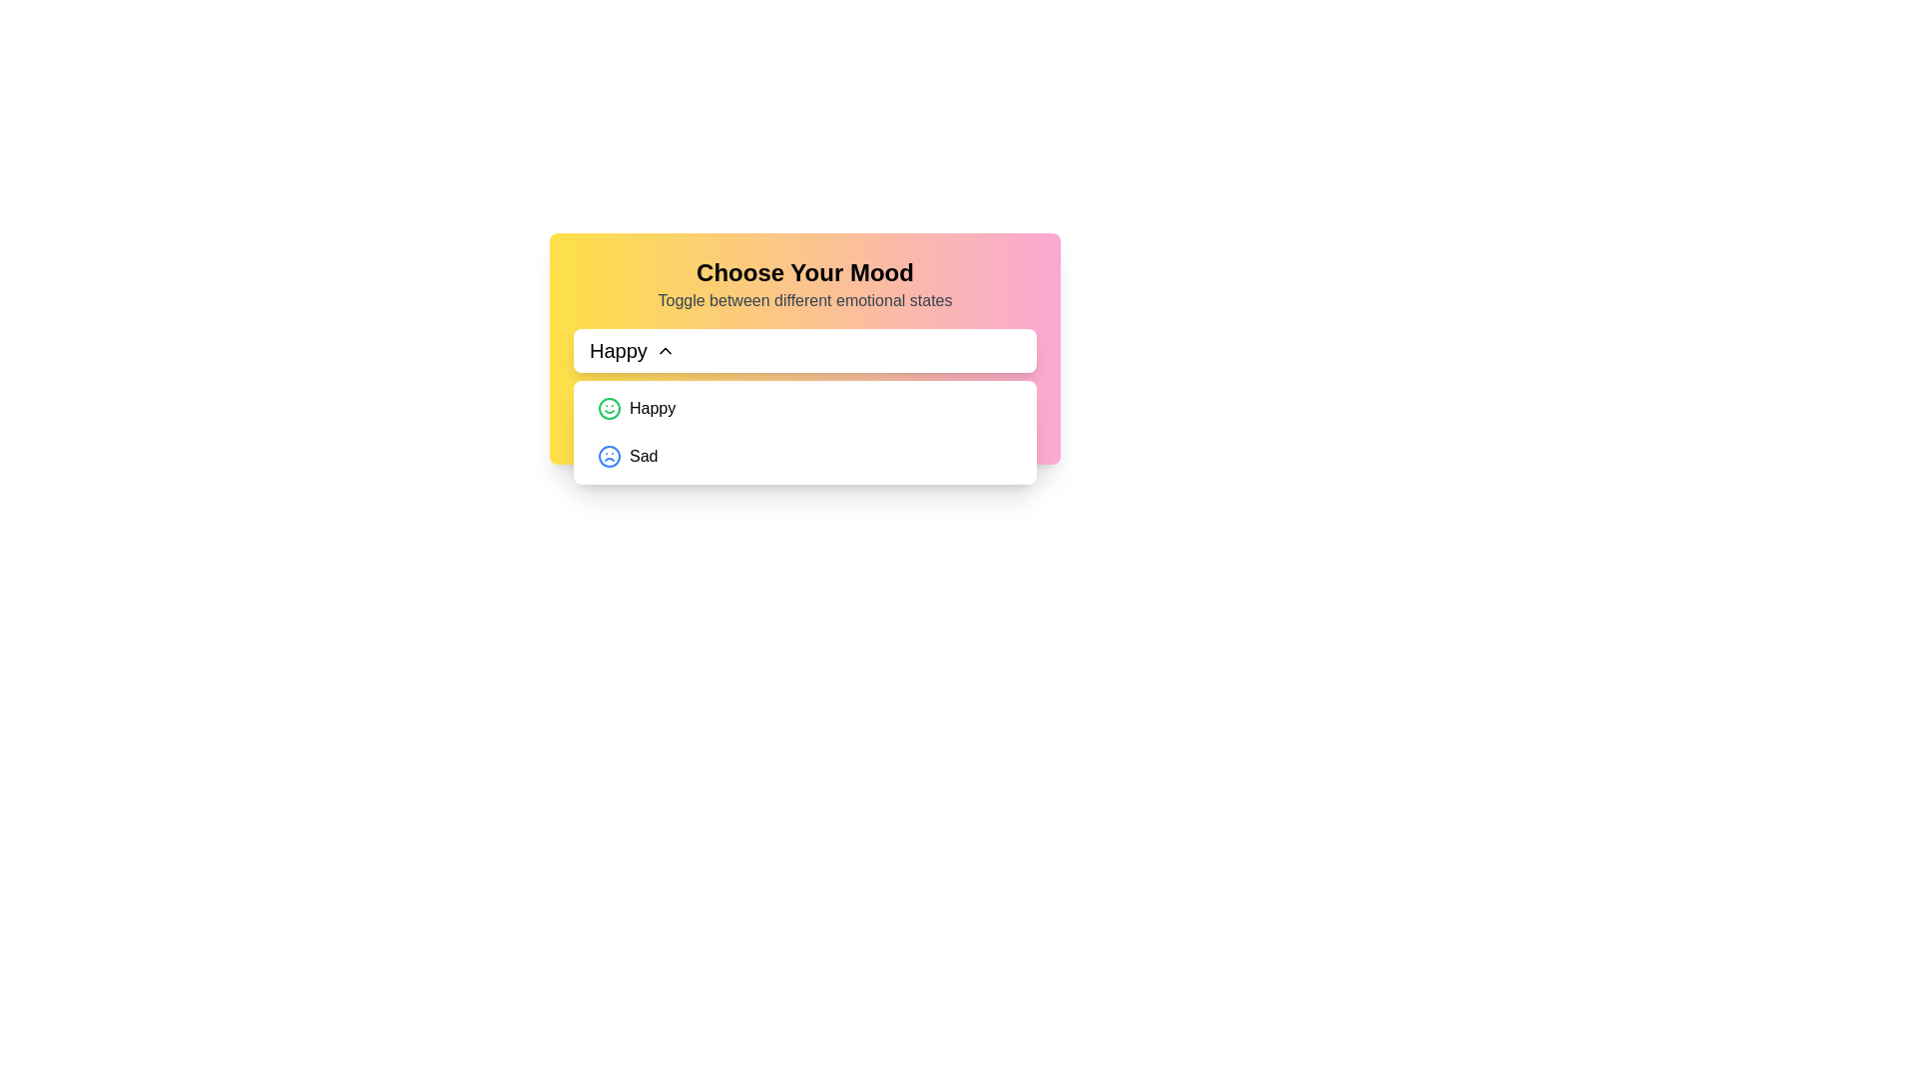 The image size is (1916, 1077). Describe the element at coordinates (804, 407) in the screenshot. I see `the first option in the 'Choose Your Mood' dropdown menu` at that location.